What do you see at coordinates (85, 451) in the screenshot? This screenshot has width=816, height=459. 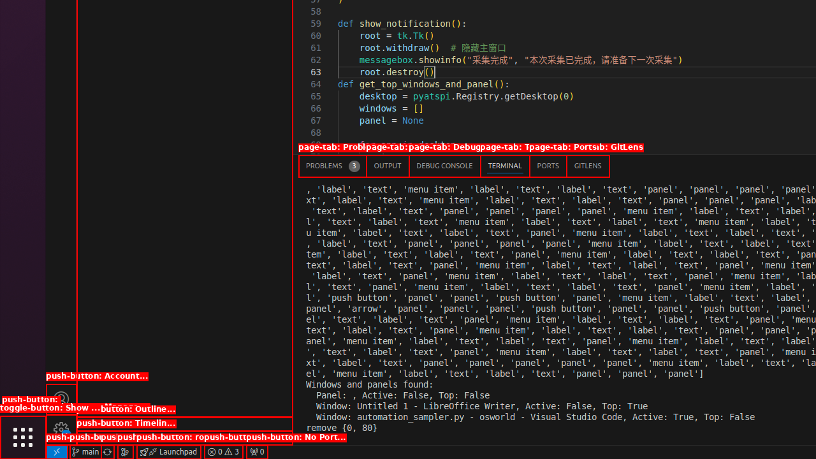 I see `'OSWorld (Git) - main, Checkout Branch/Tag...'` at bounding box center [85, 451].